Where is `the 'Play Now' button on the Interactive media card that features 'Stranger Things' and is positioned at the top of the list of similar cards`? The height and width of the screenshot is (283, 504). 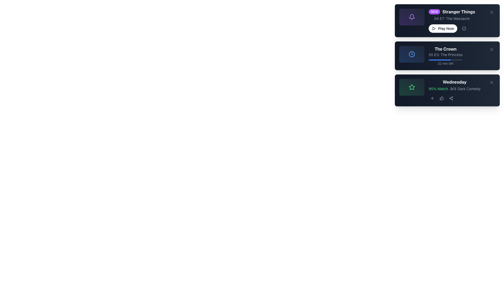 the 'Play Now' button on the Interactive media card that features 'Stranger Things' and is positioned at the top of the list of similar cards is located at coordinates (447, 20).